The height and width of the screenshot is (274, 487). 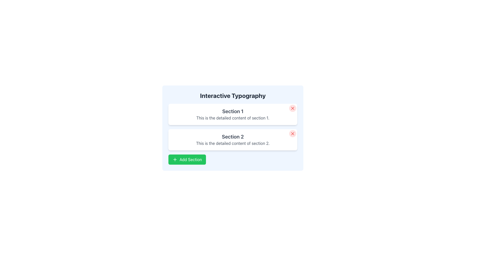 What do you see at coordinates (187, 159) in the screenshot?
I see `the green 'Add Section' button with rounded corners` at bounding box center [187, 159].